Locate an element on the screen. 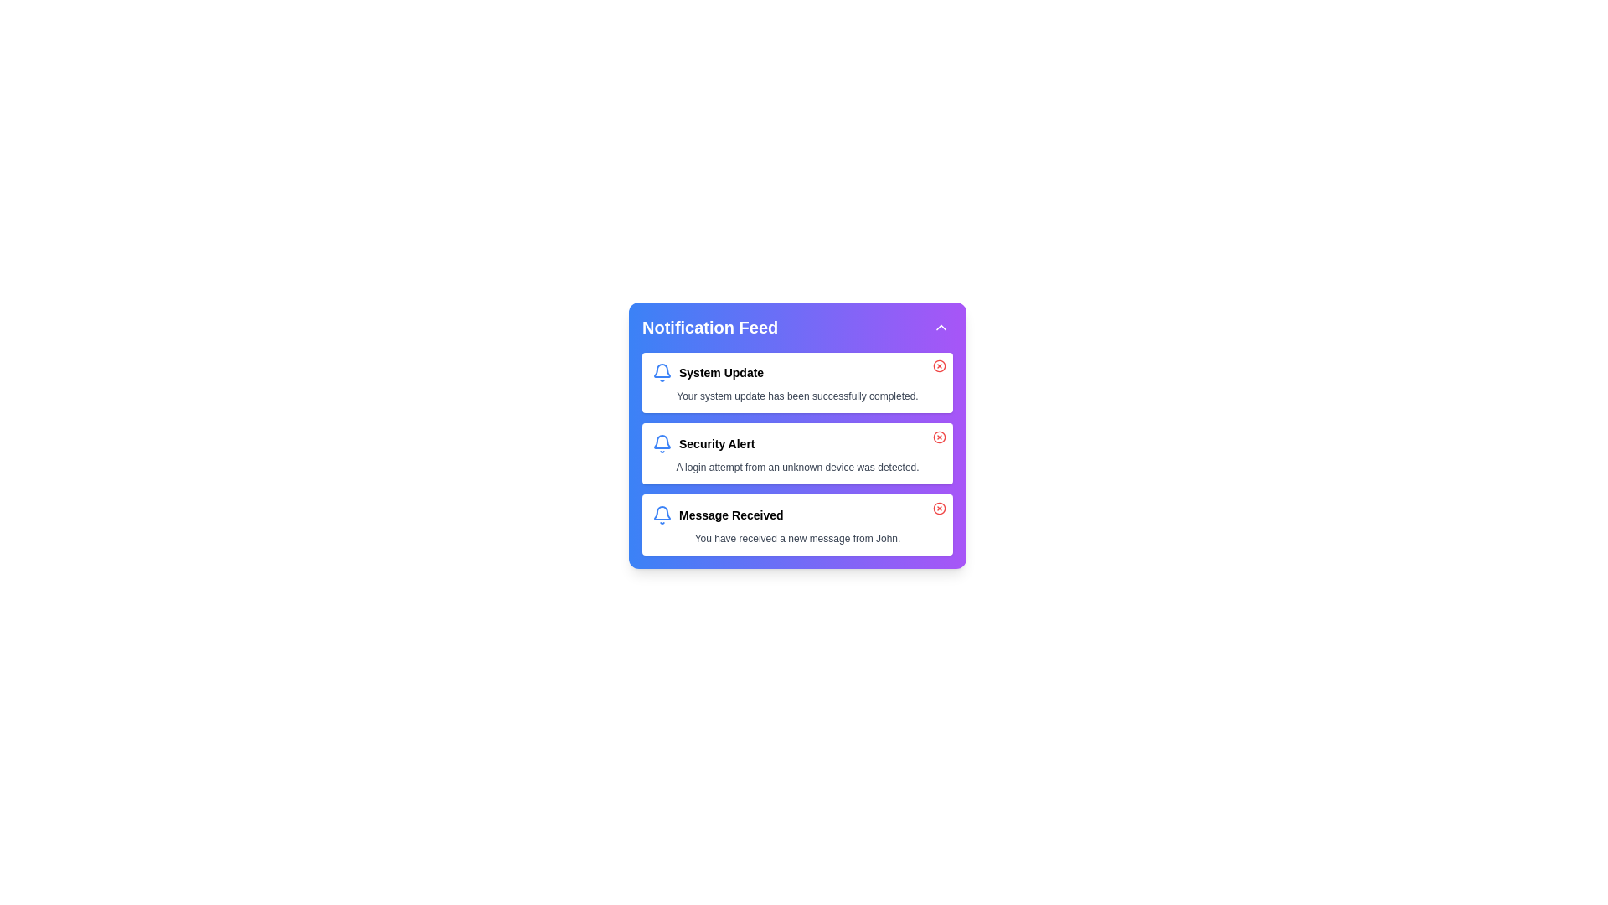 The height and width of the screenshot is (905, 1608). the bolded 'Notification Feed' text label located at the top of the notification panel is located at coordinates (710, 327).